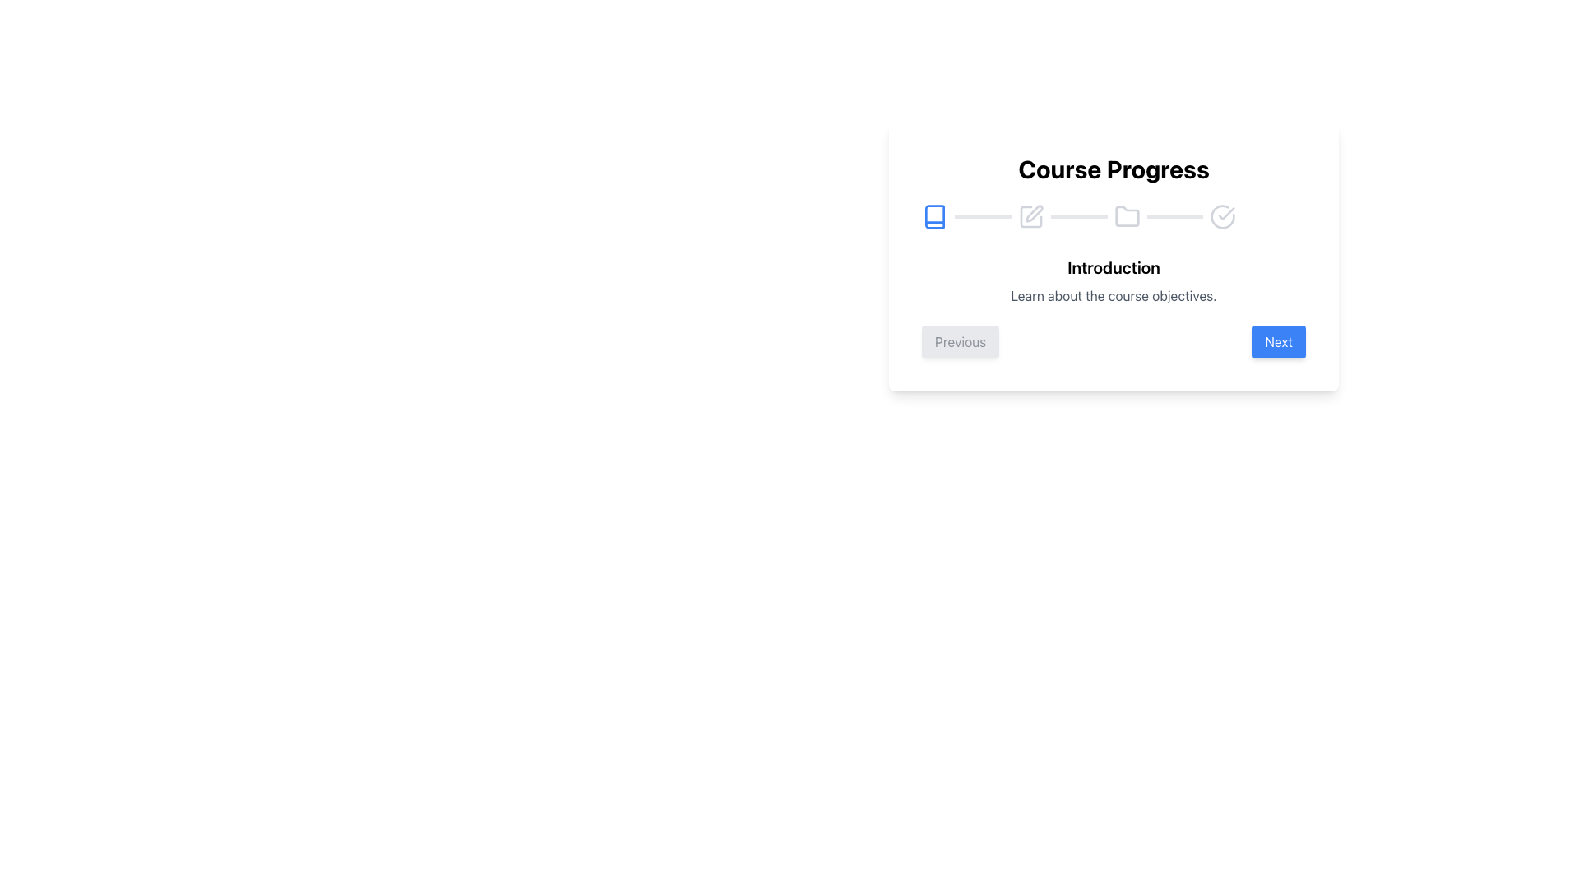 The image size is (1579, 888). I want to click on the progress stage icon located below the 'Course Progress' heading, positioned between a pen icon and a checkmark icon, so click(1126, 215).